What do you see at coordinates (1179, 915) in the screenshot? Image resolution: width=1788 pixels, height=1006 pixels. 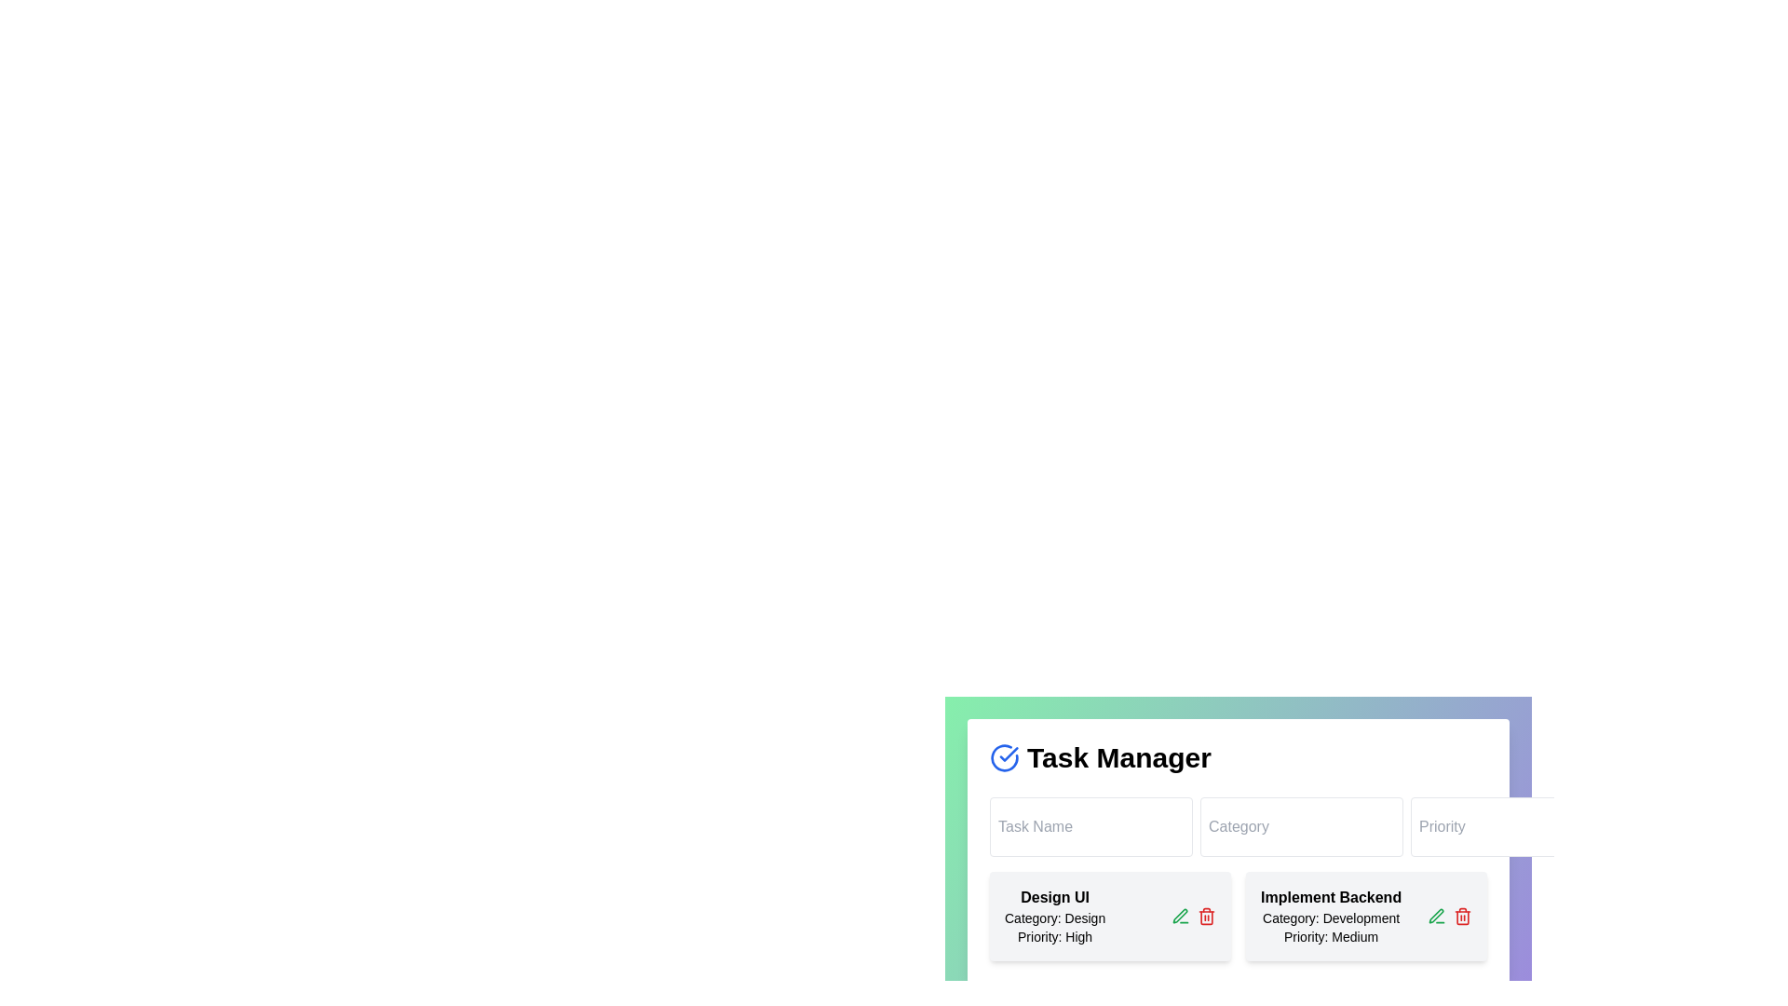 I see `the first green pen icon located in the top left corner of the interface to initiate the edit functionality` at bounding box center [1179, 915].